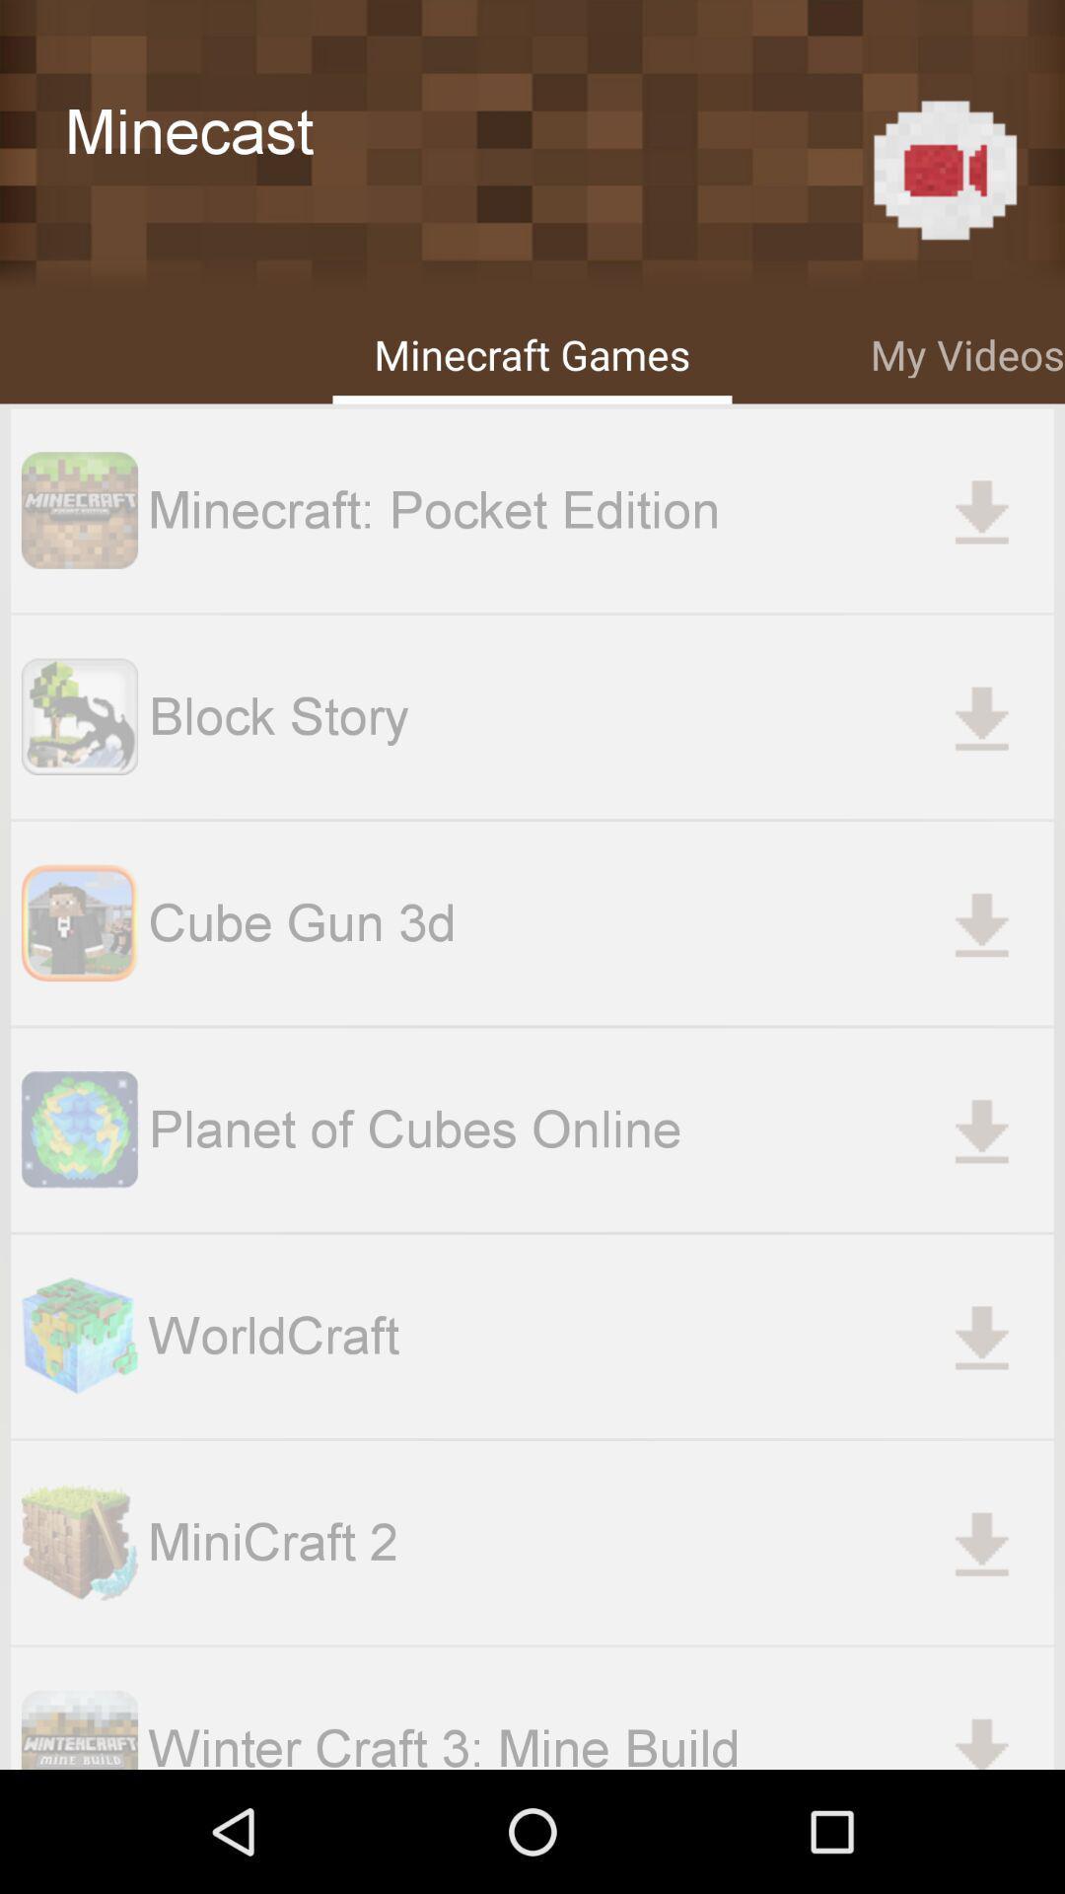  What do you see at coordinates (600, 1129) in the screenshot?
I see `the planet of cubes` at bounding box center [600, 1129].